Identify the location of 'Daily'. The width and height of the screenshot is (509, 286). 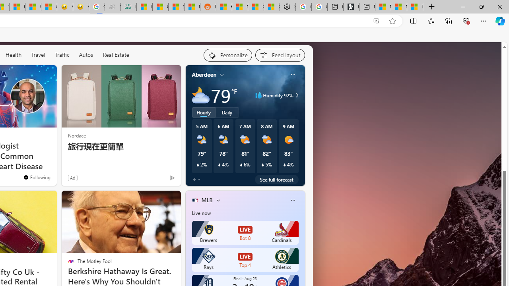
(227, 112).